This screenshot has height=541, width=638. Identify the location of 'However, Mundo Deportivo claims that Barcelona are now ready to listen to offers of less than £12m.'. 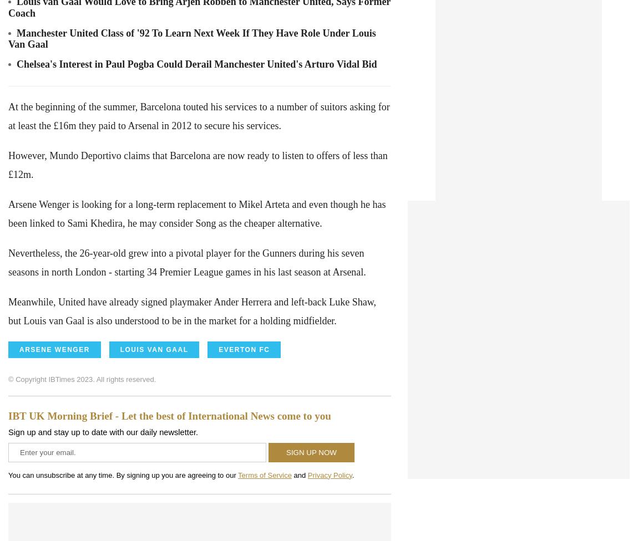
(198, 164).